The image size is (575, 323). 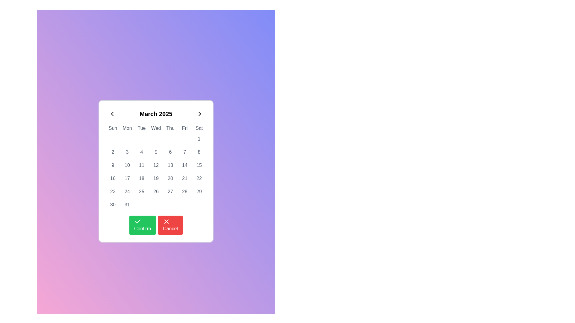 What do you see at coordinates (137, 221) in the screenshot?
I see `the checkmark icon located within the green confirm button at the bottom section of the calendar widget, which indicates a positive action when clicked` at bounding box center [137, 221].